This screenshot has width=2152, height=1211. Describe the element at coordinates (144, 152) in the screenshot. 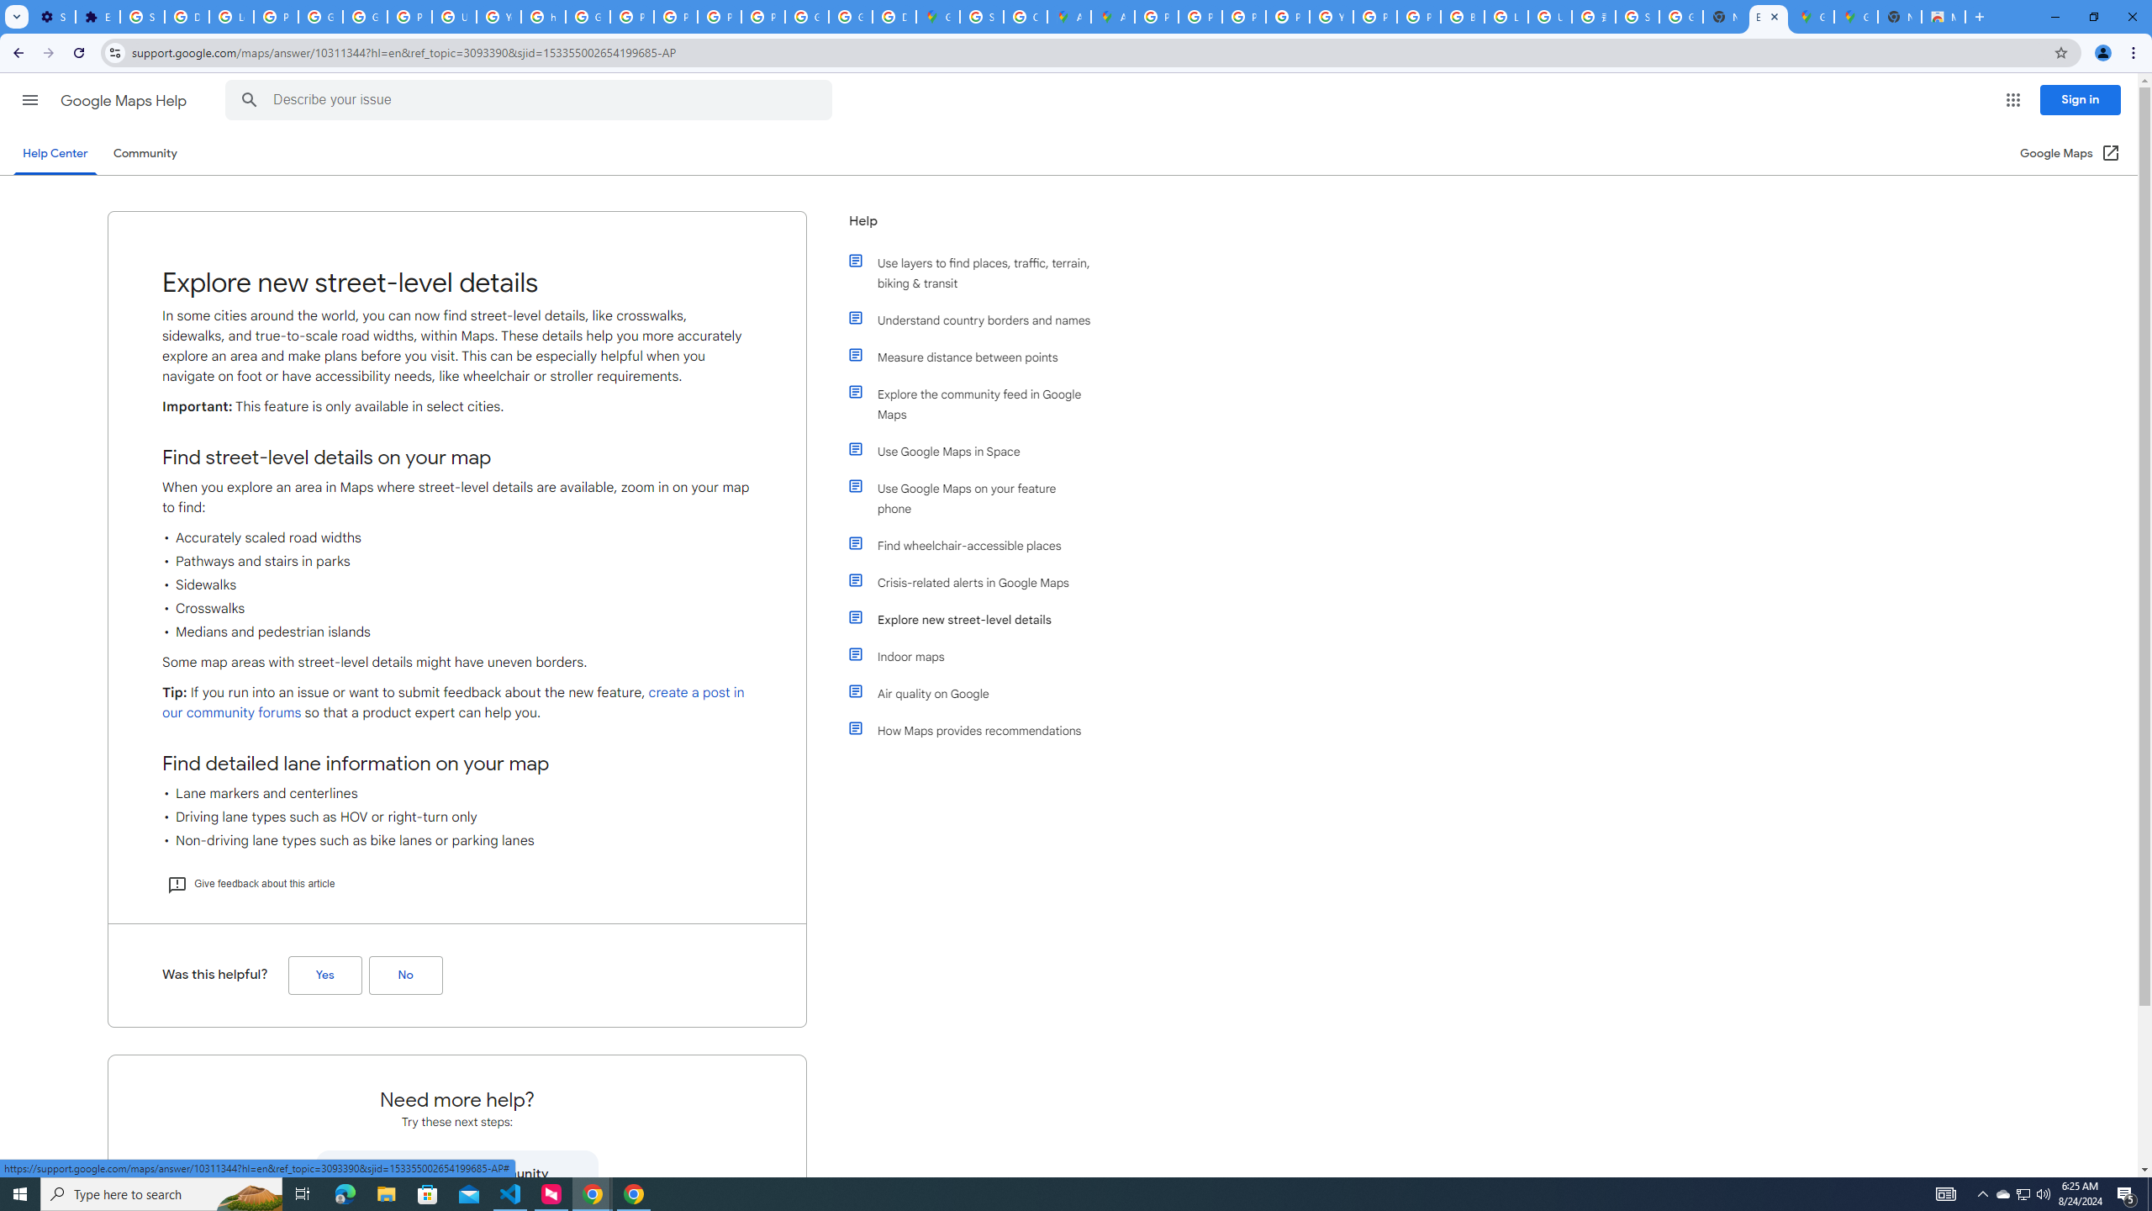

I see `'Community'` at that location.